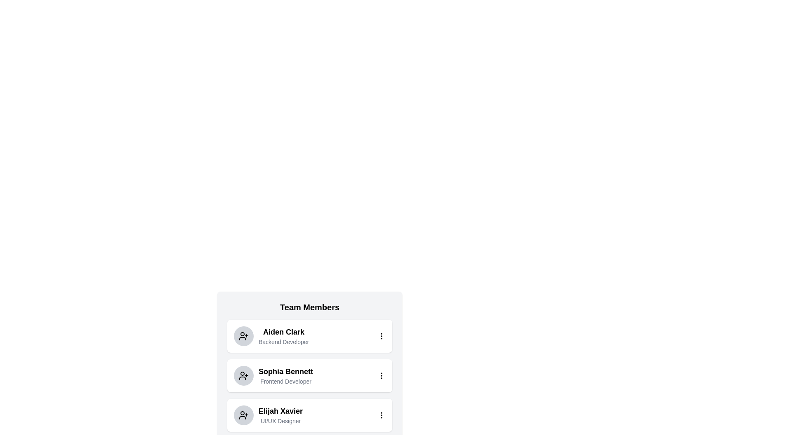 The height and width of the screenshot is (445, 792). Describe the element at coordinates (285, 372) in the screenshot. I see `text displayed in the Text Label that shows the name of a team member, located below the card for 'Aiden Clark' and above the card for 'Elijah Xavier'` at that location.